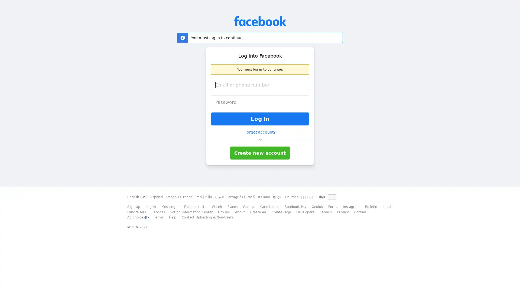 Image resolution: width=520 pixels, height=292 pixels. What do you see at coordinates (260, 153) in the screenshot?
I see `Create new account` at bounding box center [260, 153].